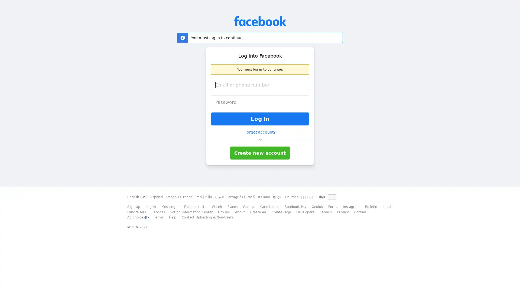 Image resolution: width=520 pixels, height=292 pixels. What do you see at coordinates (260, 153) in the screenshot?
I see `Create new account` at bounding box center [260, 153].